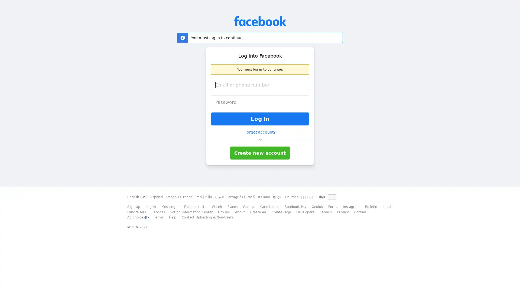 Image resolution: width=520 pixels, height=292 pixels. What do you see at coordinates (260, 153) in the screenshot?
I see `Create new account` at bounding box center [260, 153].